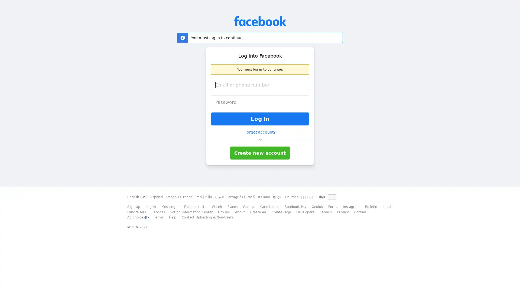 Image resolution: width=520 pixels, height=292 pixels. What do you see at coordinates (260, 153) in the screenshot?
I see `Create new account` at bounding box center [260, 153].